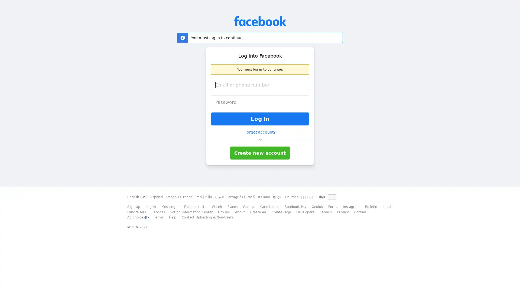 Image resolution: width=520 pixels, height=292 pixels. What do you see at coordinates (260, 153) in the screenshot?
I see `Create new account` at bounding box center [260, 153].